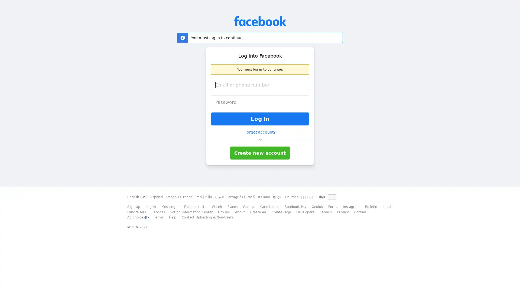 Image resolution: width=520 pixels, height=292 pixels. What do you see at coordinates (260, 153) in the screenshot?
I see `Create new account` at bounding box center [260, 153].